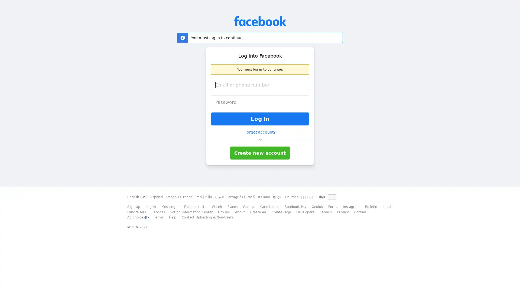 Image resolution: width=520 pixels, height=292 pixels. What do you see at coordinates (260, 153) in the screenshot?
I see `Create new account` at bounding box center [260, 153].